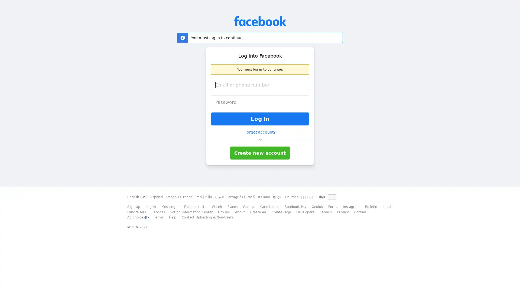 Image resolution: width=520 pixels, height=292 pixels. What do you see at coordinates (260, 153) in the screenshot?
I see `Create new account` at bounding box center [260, 153].